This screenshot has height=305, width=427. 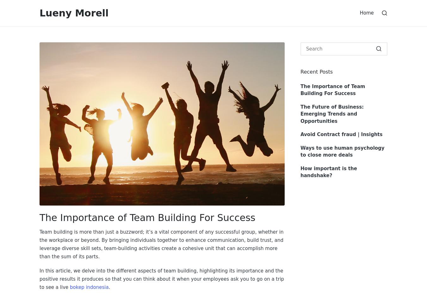 What do you see at coordinates (109, 287) in the screenshot?
I see `'.'` at bounding box center [109, 287].